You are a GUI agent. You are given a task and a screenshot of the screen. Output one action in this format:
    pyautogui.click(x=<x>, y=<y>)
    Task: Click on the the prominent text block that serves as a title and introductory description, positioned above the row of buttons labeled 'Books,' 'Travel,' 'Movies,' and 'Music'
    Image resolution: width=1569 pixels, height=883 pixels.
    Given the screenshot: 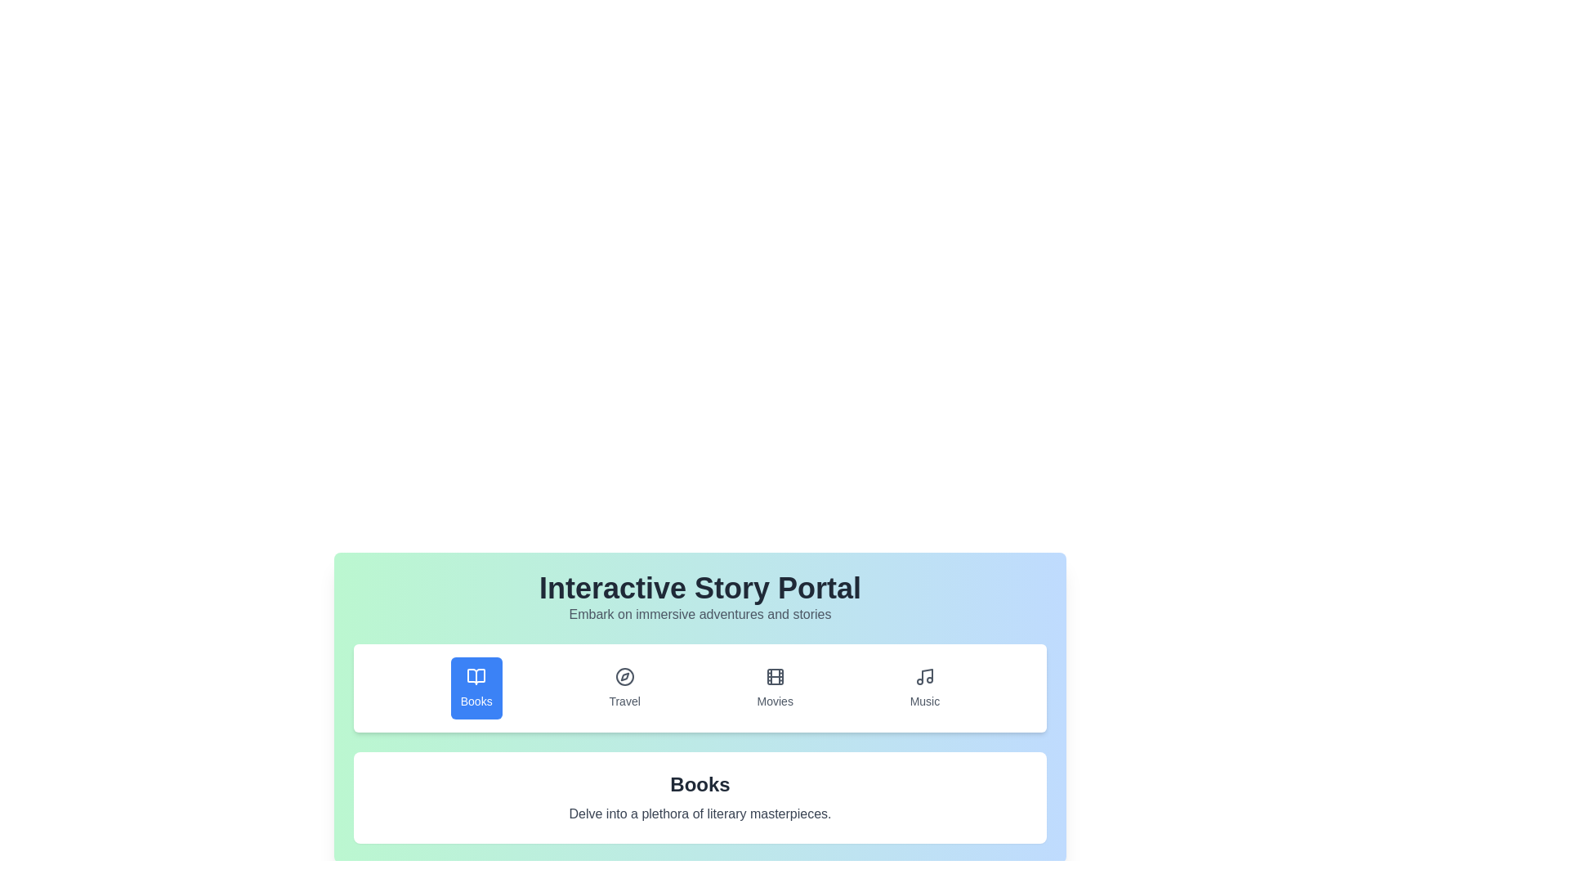 What is the action you would take?
    pyautogui.click(x=700, y=598)
    